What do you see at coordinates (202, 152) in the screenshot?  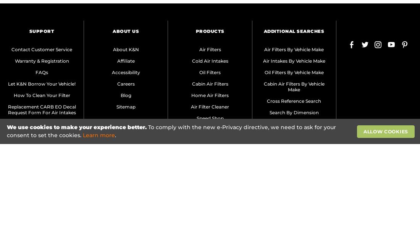 I see `'Marine'` at bounding box center [202, 152].